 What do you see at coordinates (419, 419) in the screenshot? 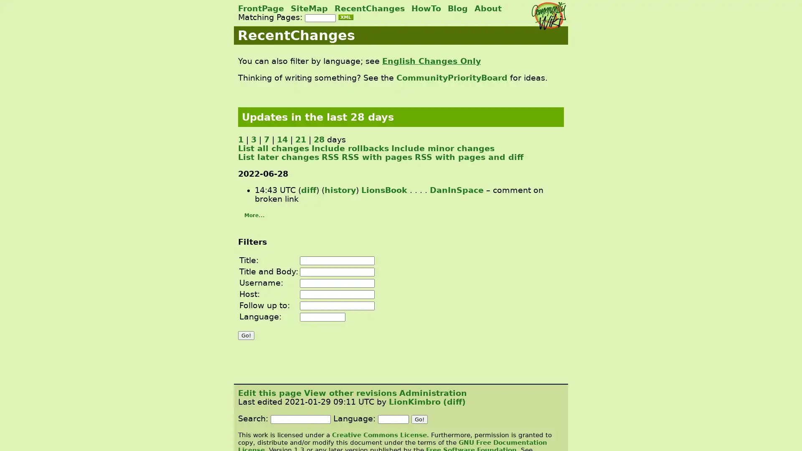
I see `Go!` at bounding box center [419, 419].